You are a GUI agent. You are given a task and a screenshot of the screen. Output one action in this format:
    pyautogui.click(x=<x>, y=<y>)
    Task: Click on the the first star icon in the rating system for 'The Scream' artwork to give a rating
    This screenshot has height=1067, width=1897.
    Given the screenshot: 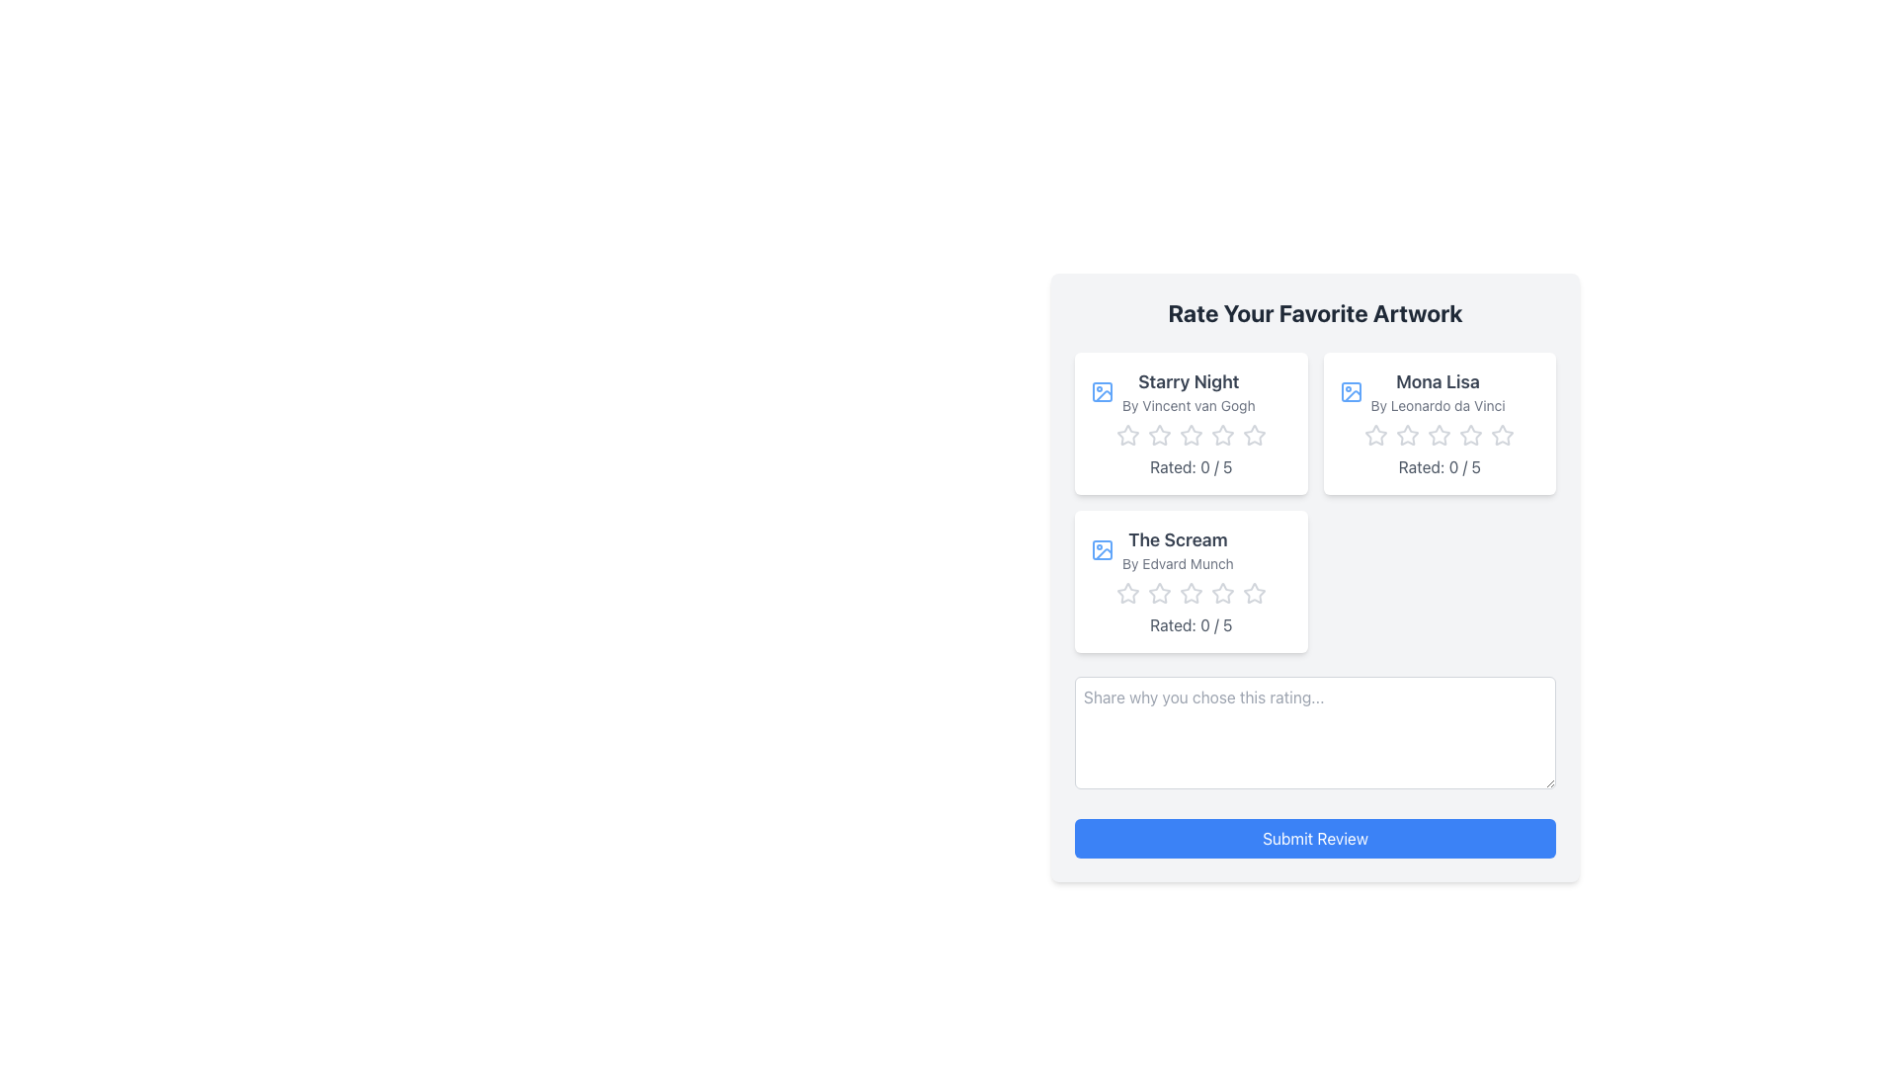 What is the action you would take?
    pyautogui.click(x=1159, y=592)
    